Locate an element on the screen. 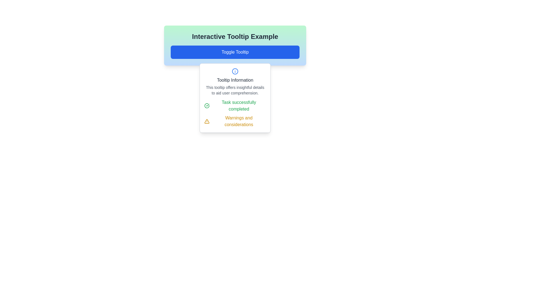  the accompanying icons within the Informational status display located in the tooltip box beneath the header 'Tooltip Information' is located at coordinates (235, 113).